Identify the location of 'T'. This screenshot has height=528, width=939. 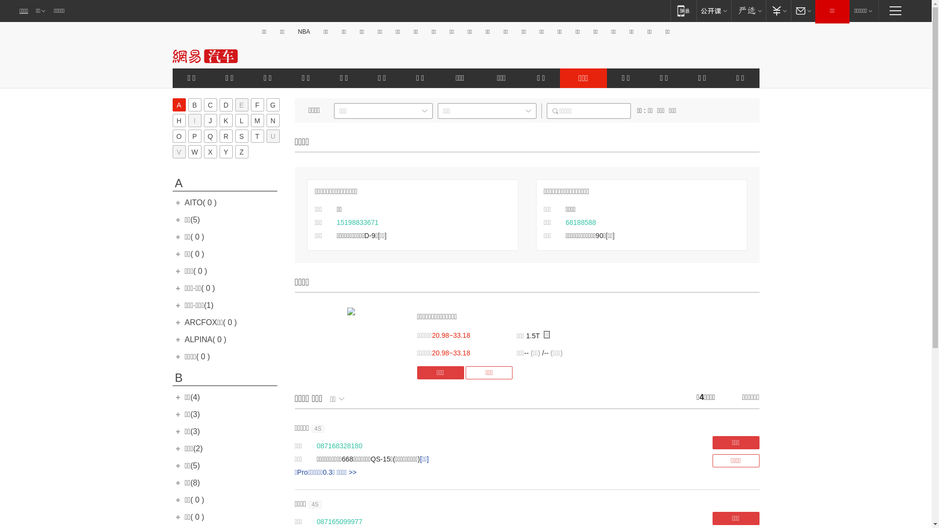
(257, 136).